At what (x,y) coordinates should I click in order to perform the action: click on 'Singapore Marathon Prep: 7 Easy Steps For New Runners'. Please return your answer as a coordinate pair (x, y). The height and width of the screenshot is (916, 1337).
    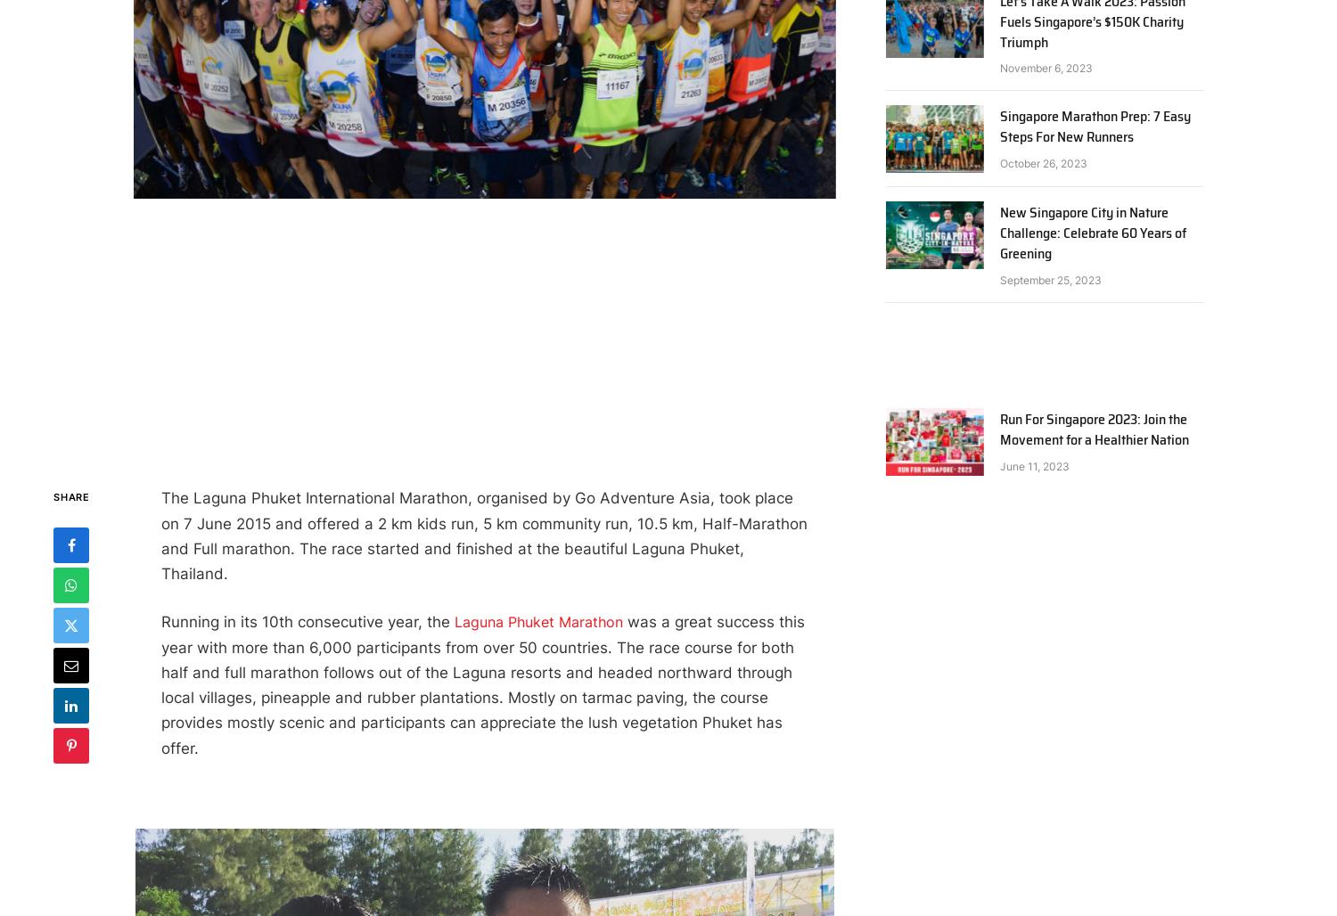
    Looking at the image, I should click on (1094, 126).